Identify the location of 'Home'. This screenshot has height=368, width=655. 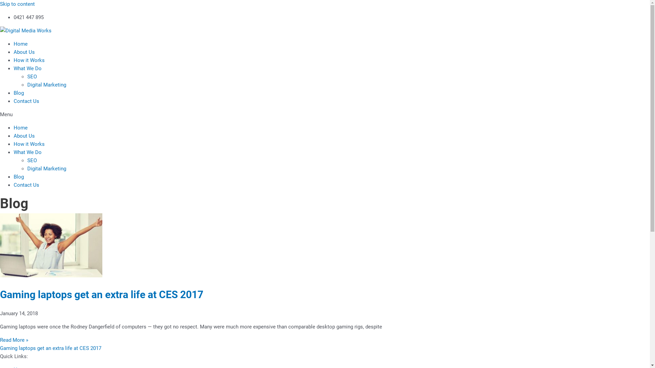
(20, 44).